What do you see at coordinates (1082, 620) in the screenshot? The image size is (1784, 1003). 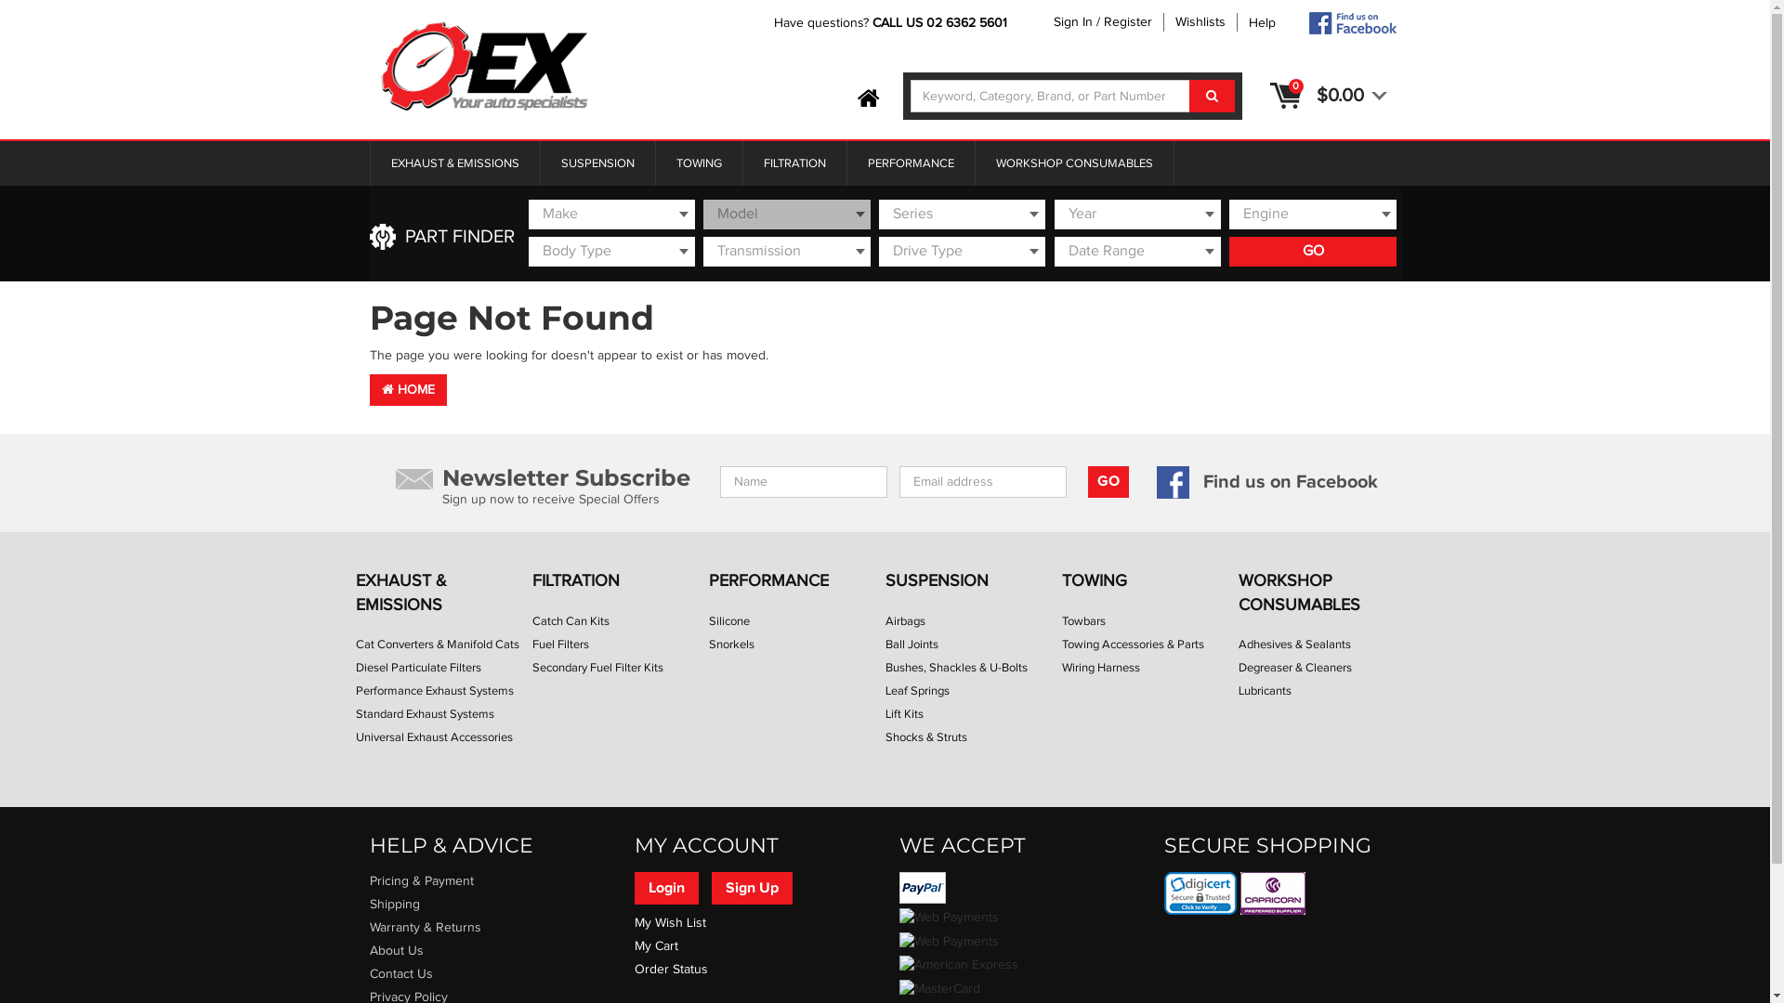 I see `'Towbars'` at bounding box center [1082, 620].